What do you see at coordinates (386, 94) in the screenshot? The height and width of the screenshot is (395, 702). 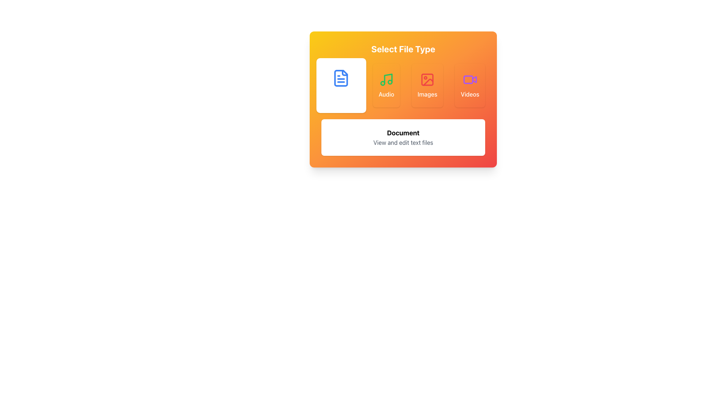 I see `the text label located at the bottom of the button-like structure within the 'Select File Type' card, which describes the action related to audio files` at bounding box center [386, 94].